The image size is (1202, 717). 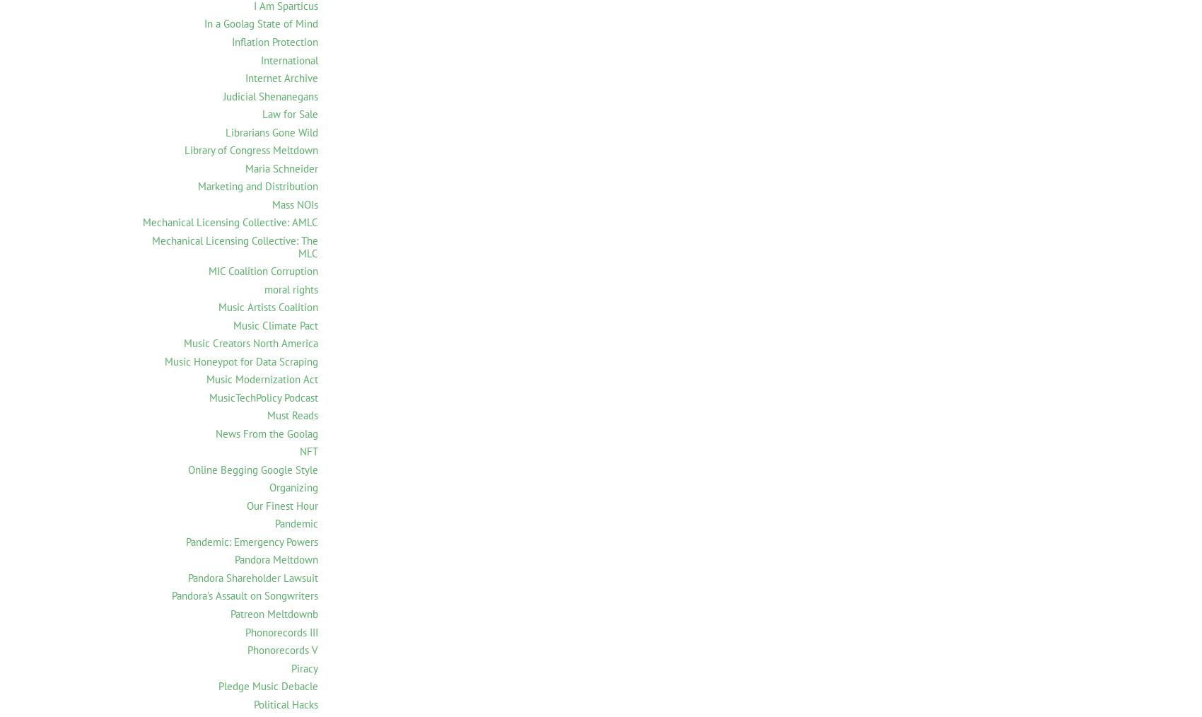 What do you see at coordinates (272, 204) in the screenshot?
I see `'Mass NOIs'` at bounding box center [272, 204].